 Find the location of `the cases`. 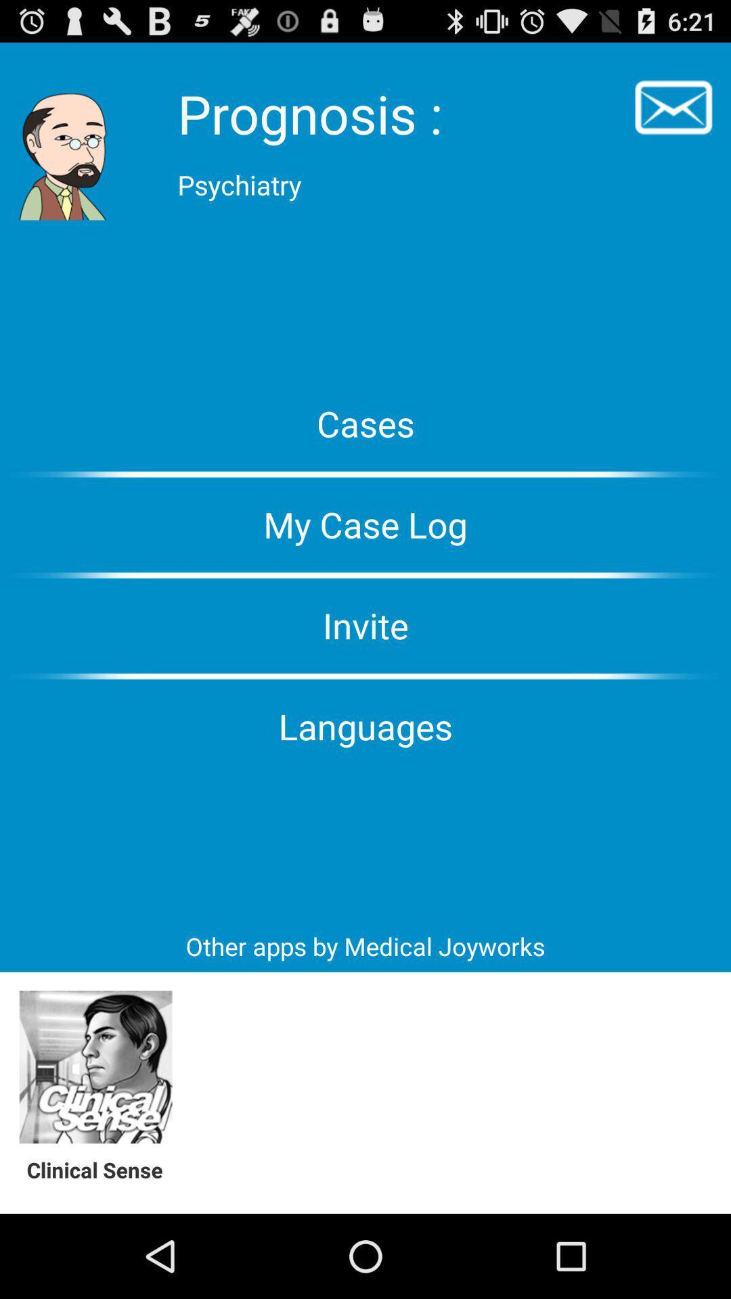

the cases is located at coordinates (365, 422).